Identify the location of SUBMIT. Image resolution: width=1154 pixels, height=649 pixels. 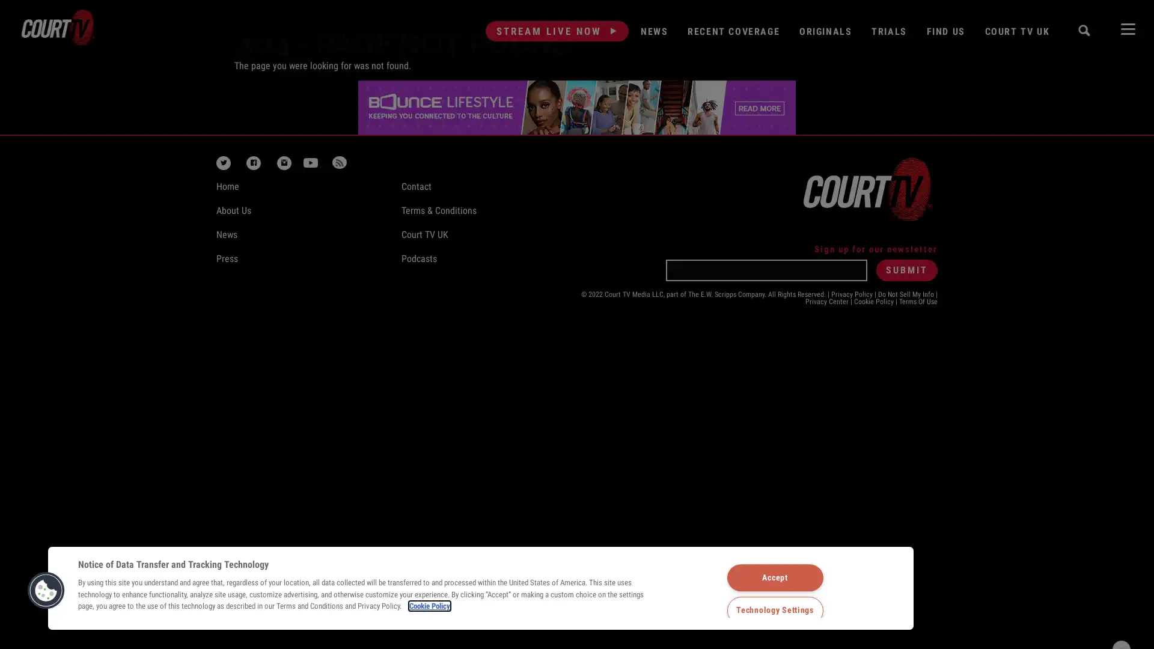
(906, 269).